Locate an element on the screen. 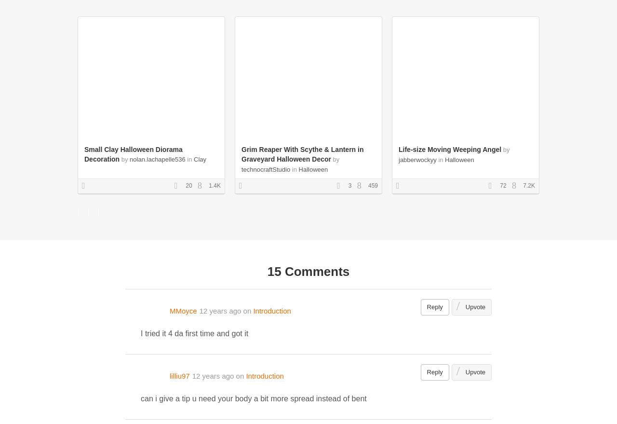  '3' is located at coordinates (346, 186).